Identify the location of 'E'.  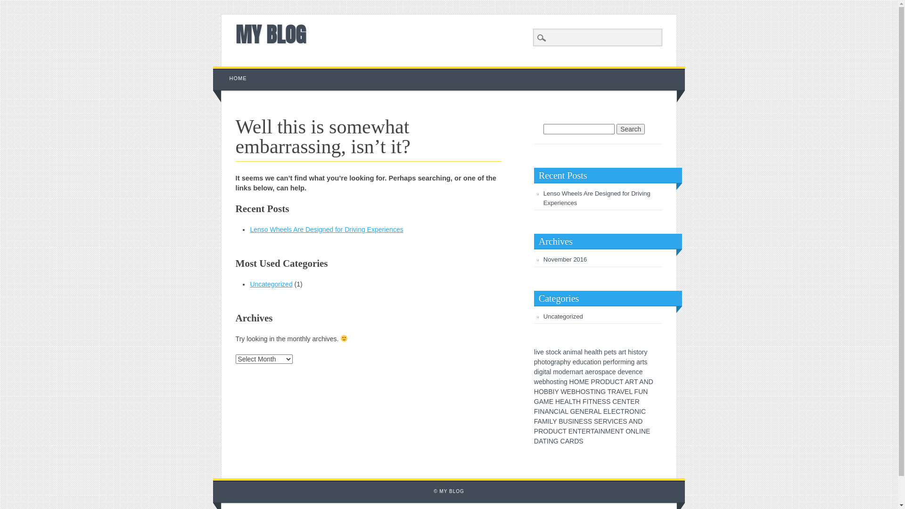
(597, 402).